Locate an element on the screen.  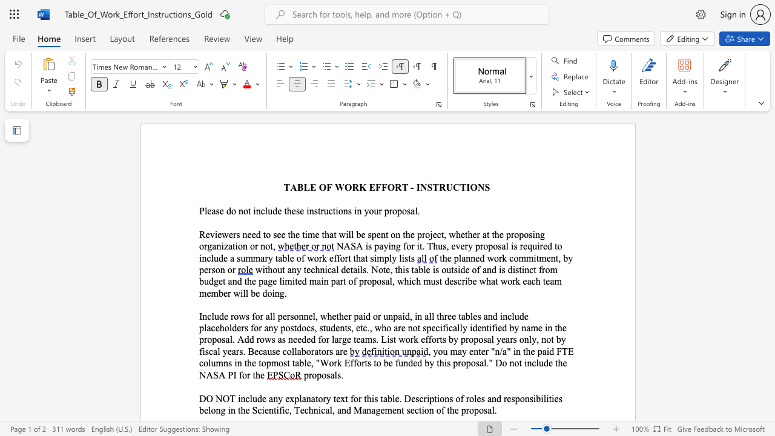
the subset text "t. Thus, eve" within the text "NASA is paying for it. Thus, every proposal is" is located at coordinates (419, 245).